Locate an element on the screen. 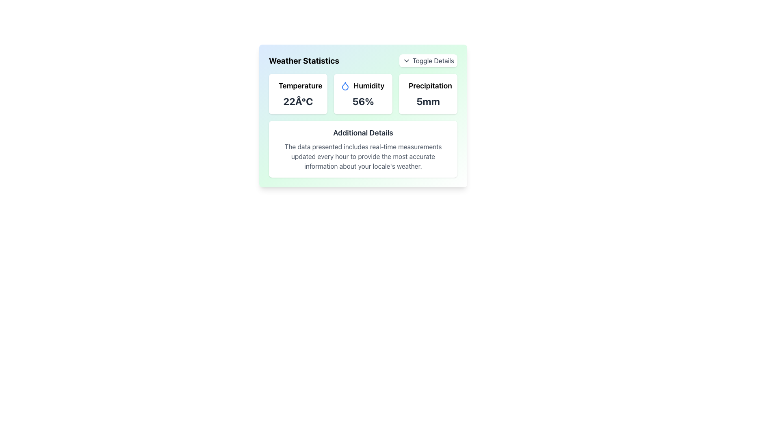 This screenshot has height=438, width=780. section header text indicating 'Additional Details' which is centrally located above a paragraph of descriptive text and below a set of data statistics is located at coordinates (362, 132).